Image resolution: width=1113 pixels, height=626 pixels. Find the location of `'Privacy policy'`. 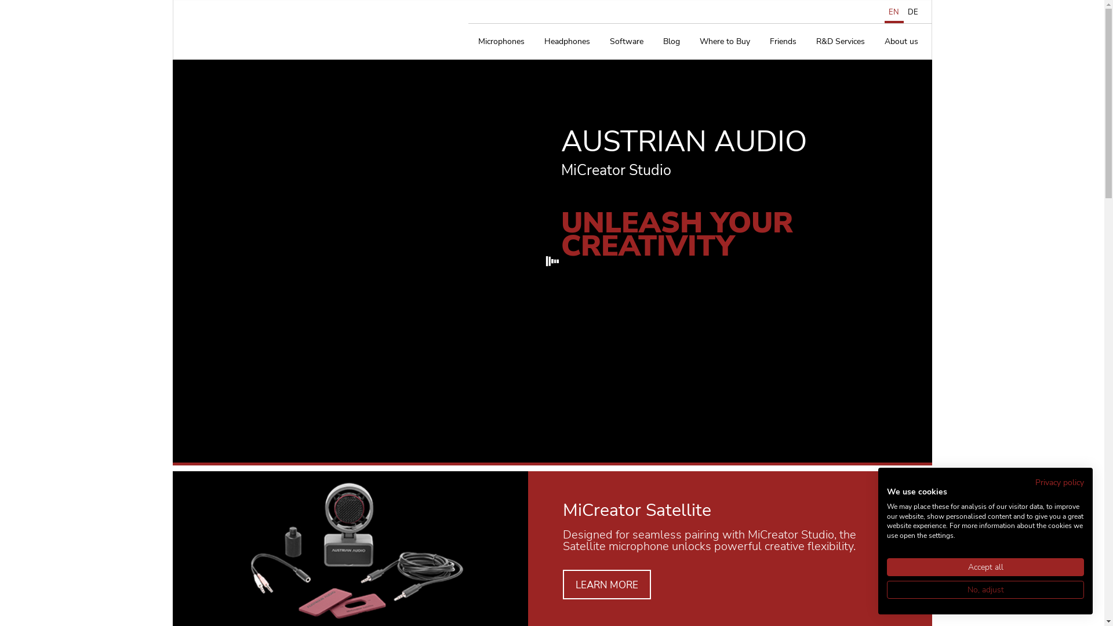

'Privacy policy' is located at coordinates (1060, 482).